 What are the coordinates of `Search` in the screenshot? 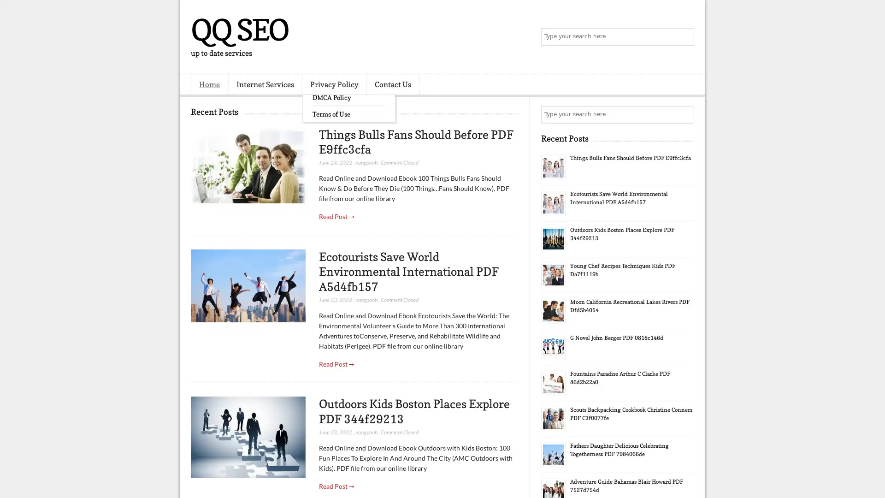 It's located at (684, 37).